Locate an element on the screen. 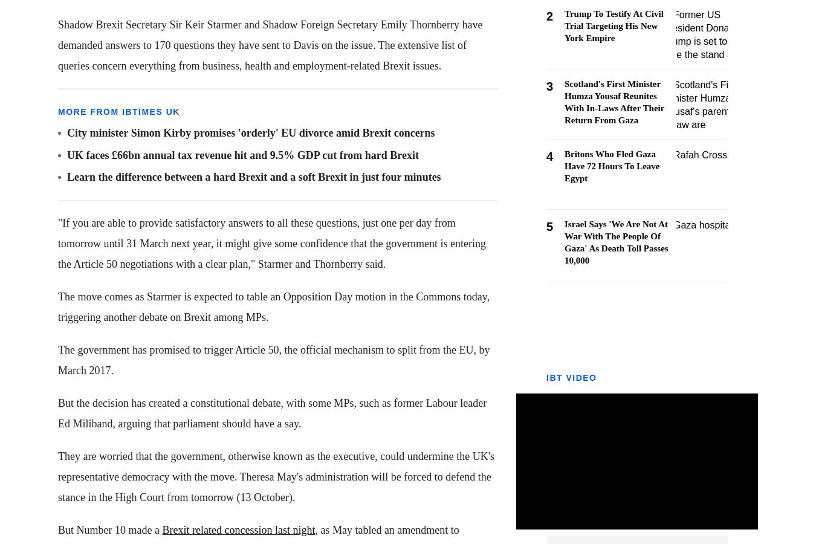 The height and width of the screenshot is (544, 816). 'Trump To Testify At Civil Trial Targeting His New York Empire' is located at coordinates (564, 25).